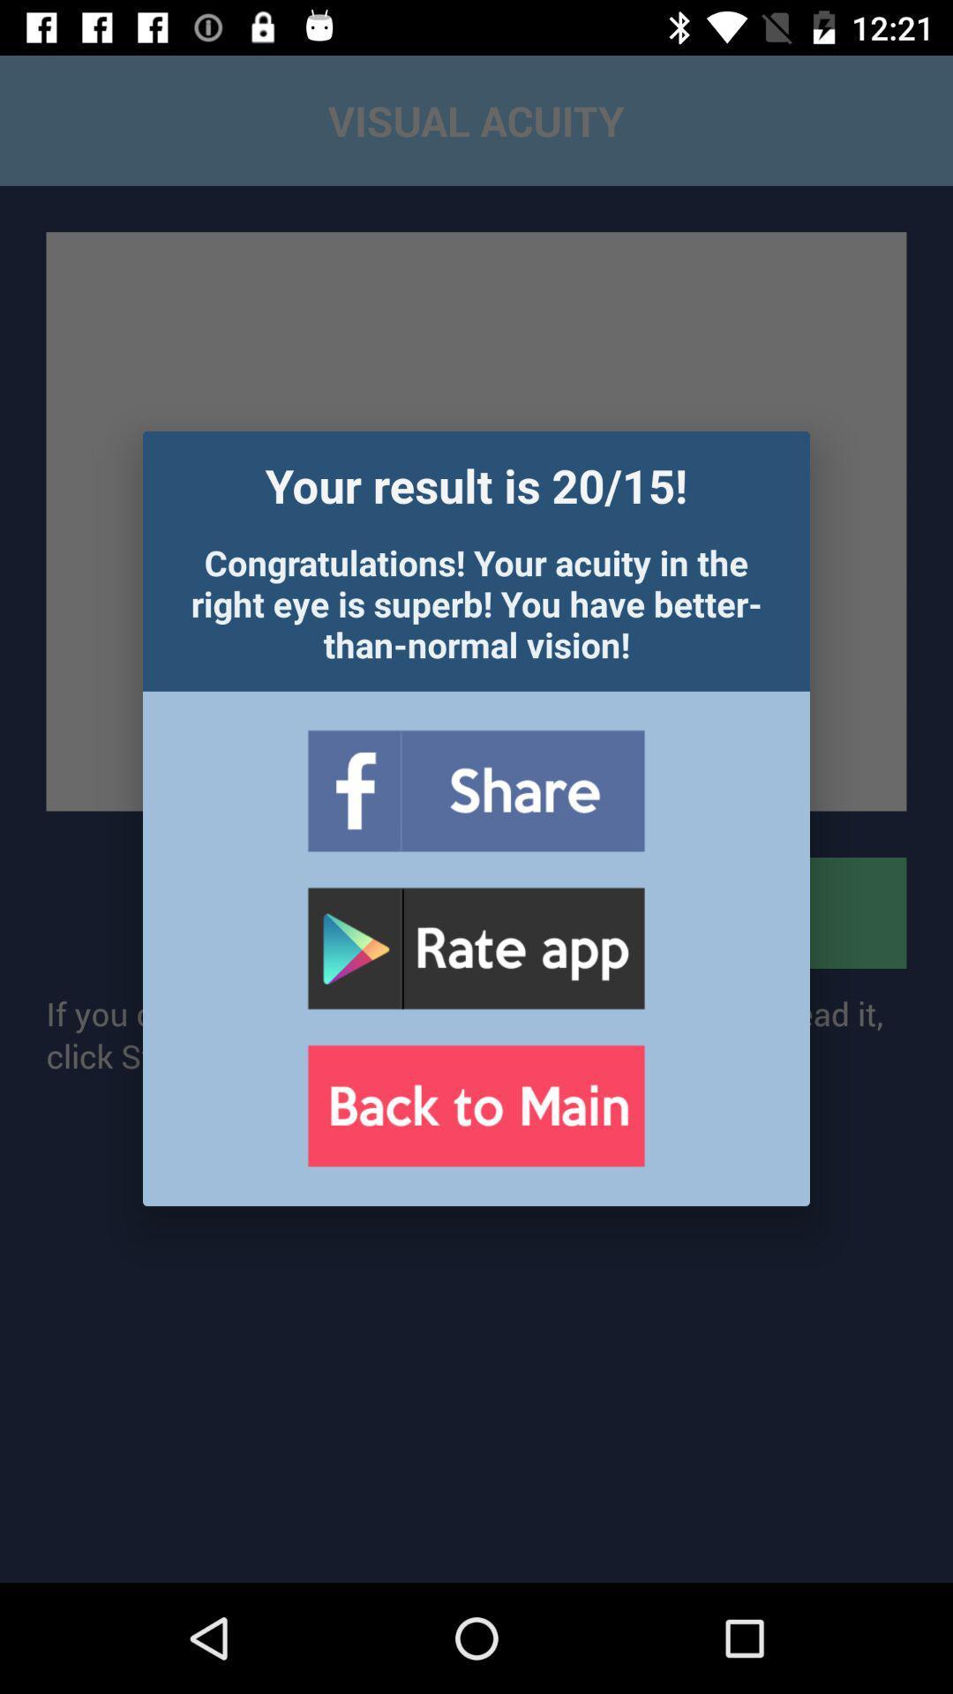  Describe the element at coordinates (475, 791) in the screenshot. I see `share` at that location.